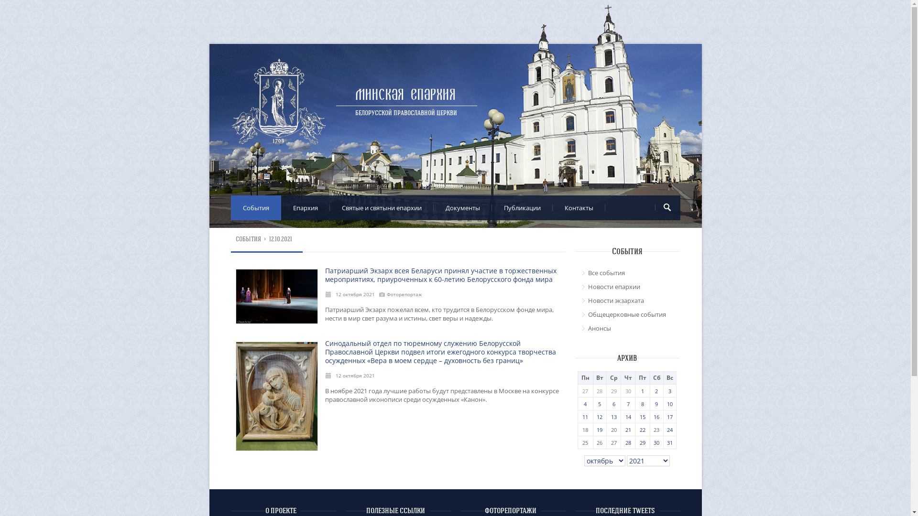  Describe the element at coordinates (628, 442) in the screenshot. I see `'28'` at that location.